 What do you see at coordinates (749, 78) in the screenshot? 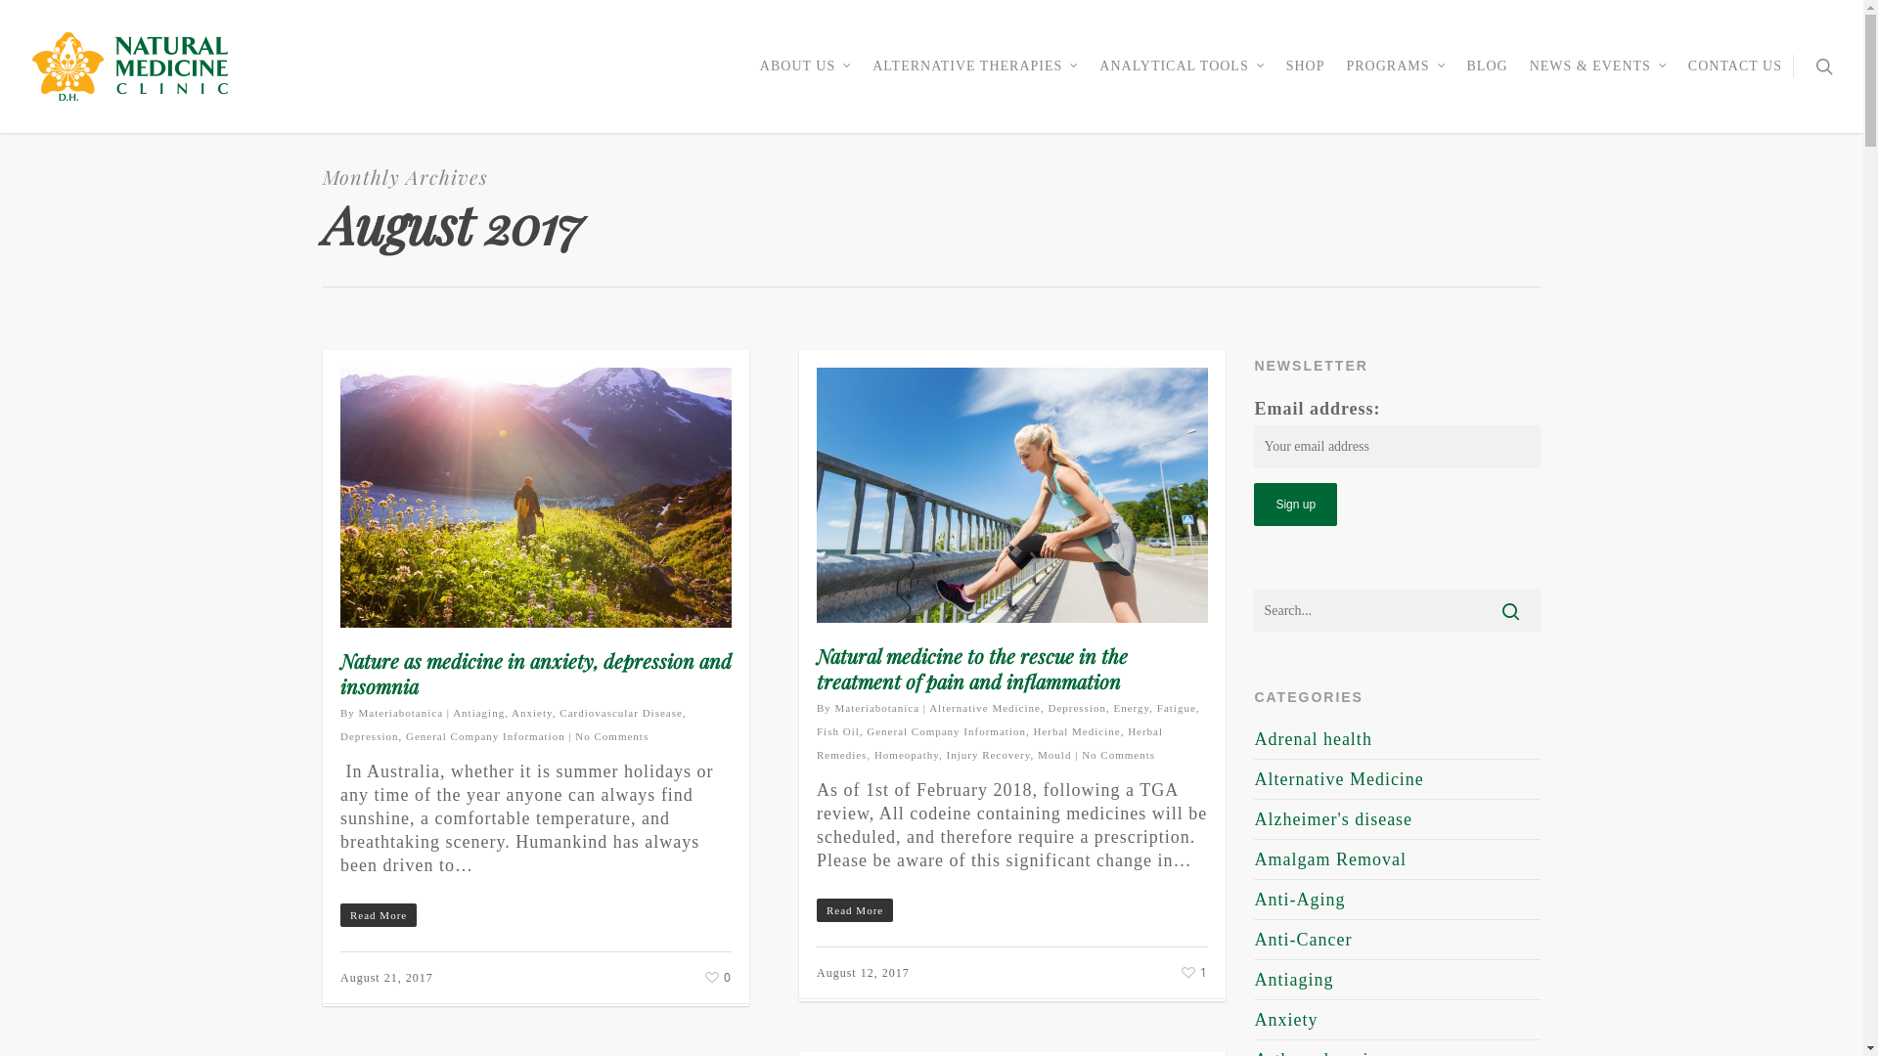
I see `'ABOUT US'` at bounding box center [749, 78].